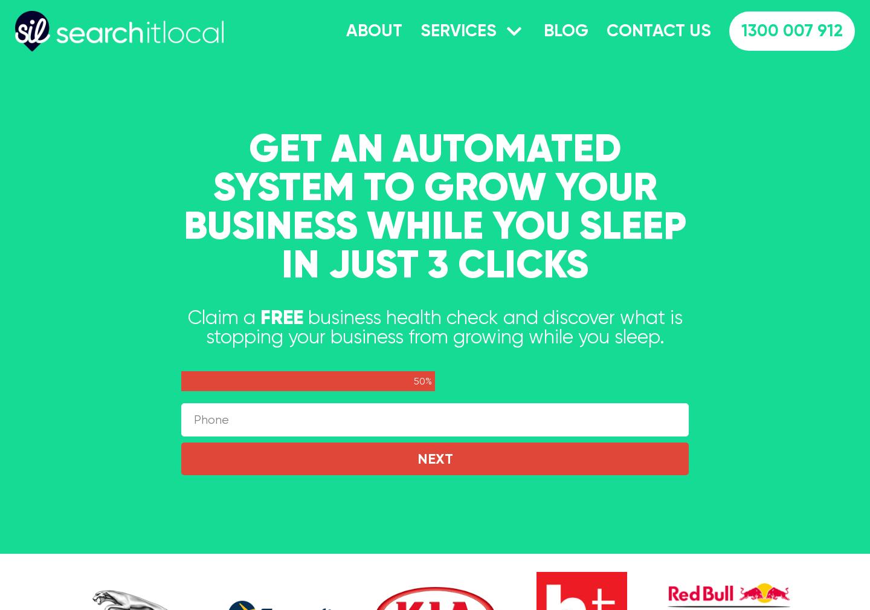 Image resolution: width=870 pixels, height=610 pixels. I want to click on 'Services', so click(420, 30).